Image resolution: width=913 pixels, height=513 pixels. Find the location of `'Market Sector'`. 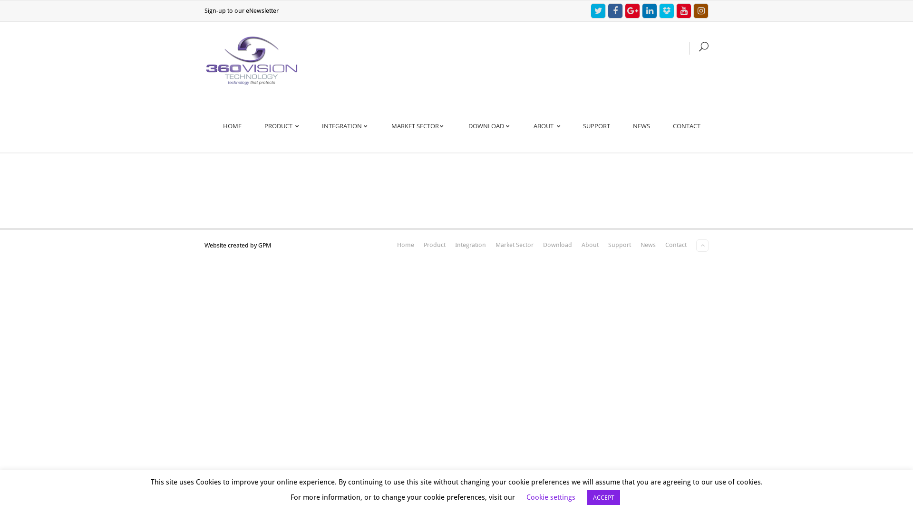

'Market Sector' is located at coordinates (514, 244).